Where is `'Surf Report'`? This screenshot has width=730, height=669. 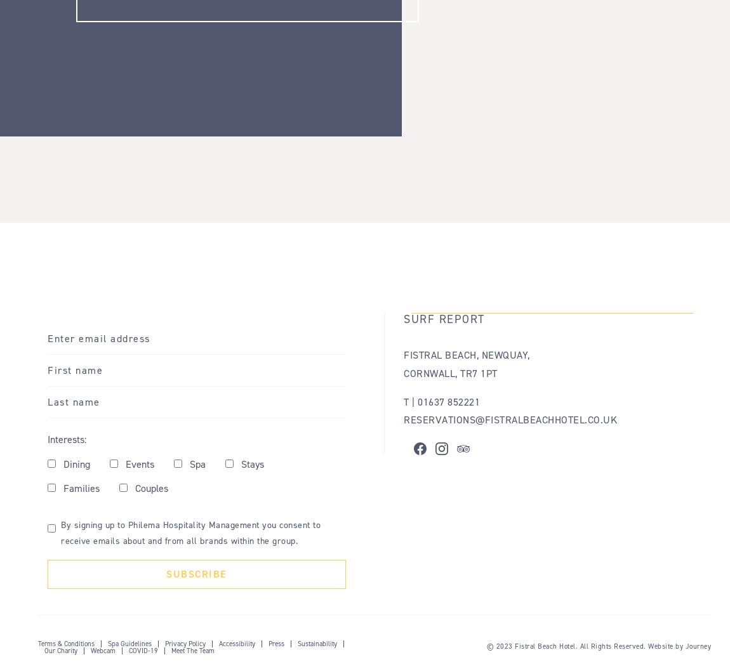 'Surf Report' is located at coordinates (443, 318).